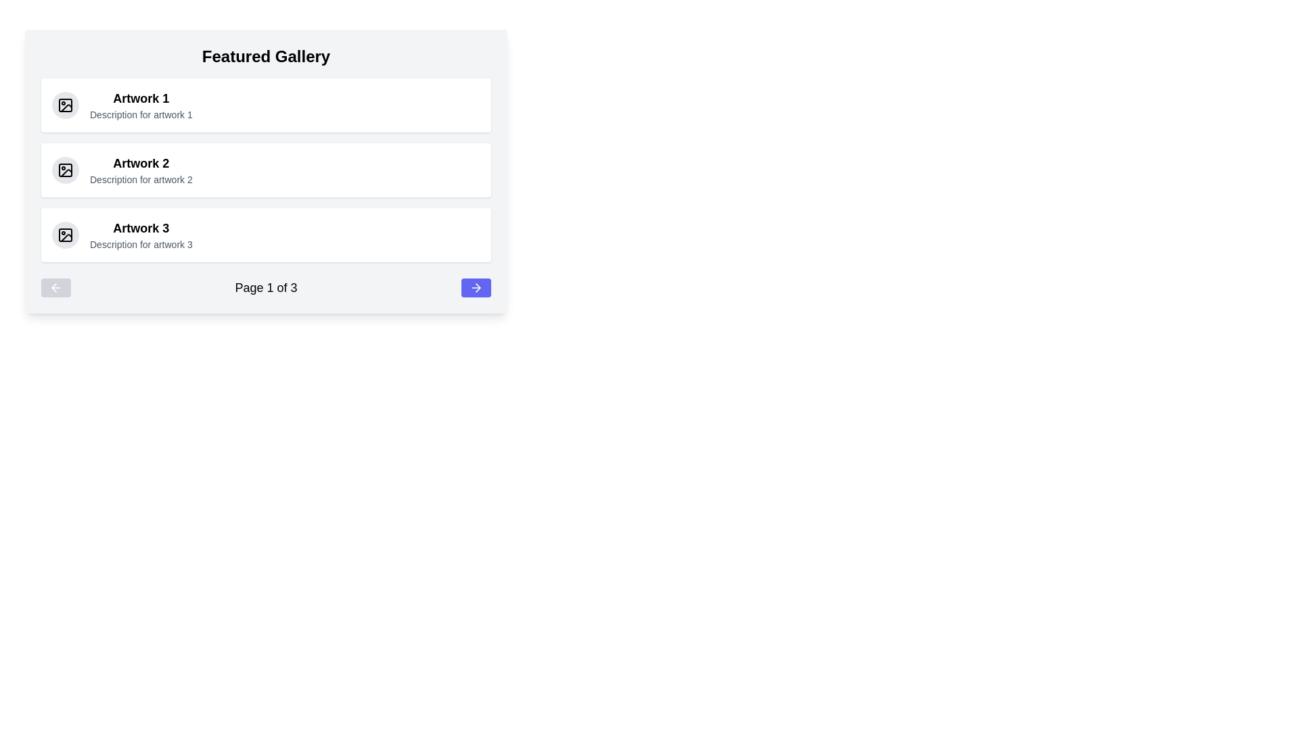 The width and height of the screenshot is (1299, 730). I want to click on the 'Featured Gallery' title text, which is a bold, large font element located at the top of its section, serving as a header for the following content, so click(266, 56).